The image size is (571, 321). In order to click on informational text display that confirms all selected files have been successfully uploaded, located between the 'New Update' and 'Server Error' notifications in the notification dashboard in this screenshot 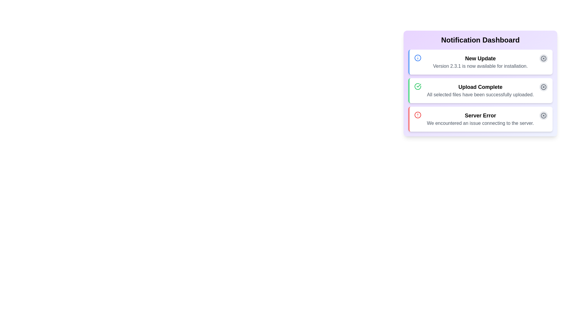, I will do `click(480, 90)`.